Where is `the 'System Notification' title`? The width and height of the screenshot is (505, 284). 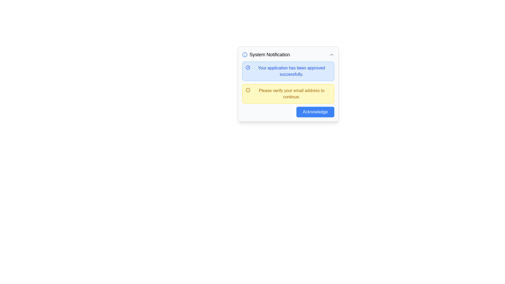 the 'System Notification' title is located at coordinates (288, 55).